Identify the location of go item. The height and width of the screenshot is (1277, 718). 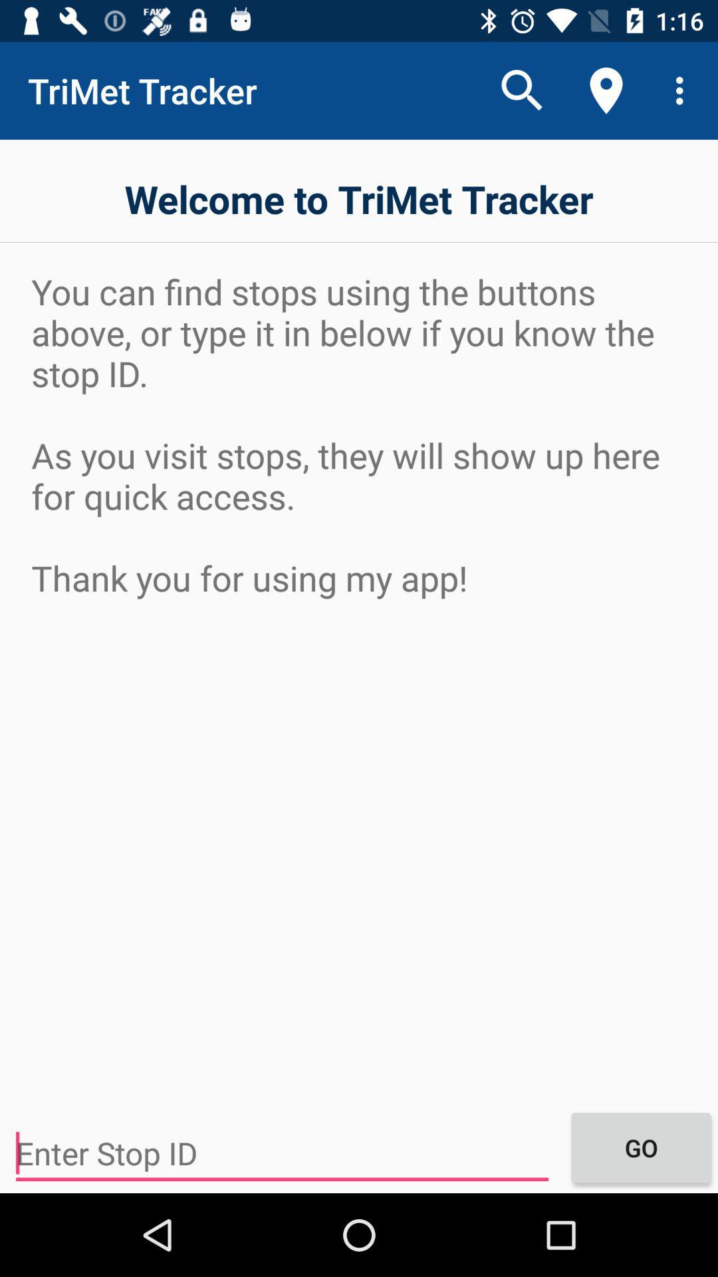
(640, 1147).